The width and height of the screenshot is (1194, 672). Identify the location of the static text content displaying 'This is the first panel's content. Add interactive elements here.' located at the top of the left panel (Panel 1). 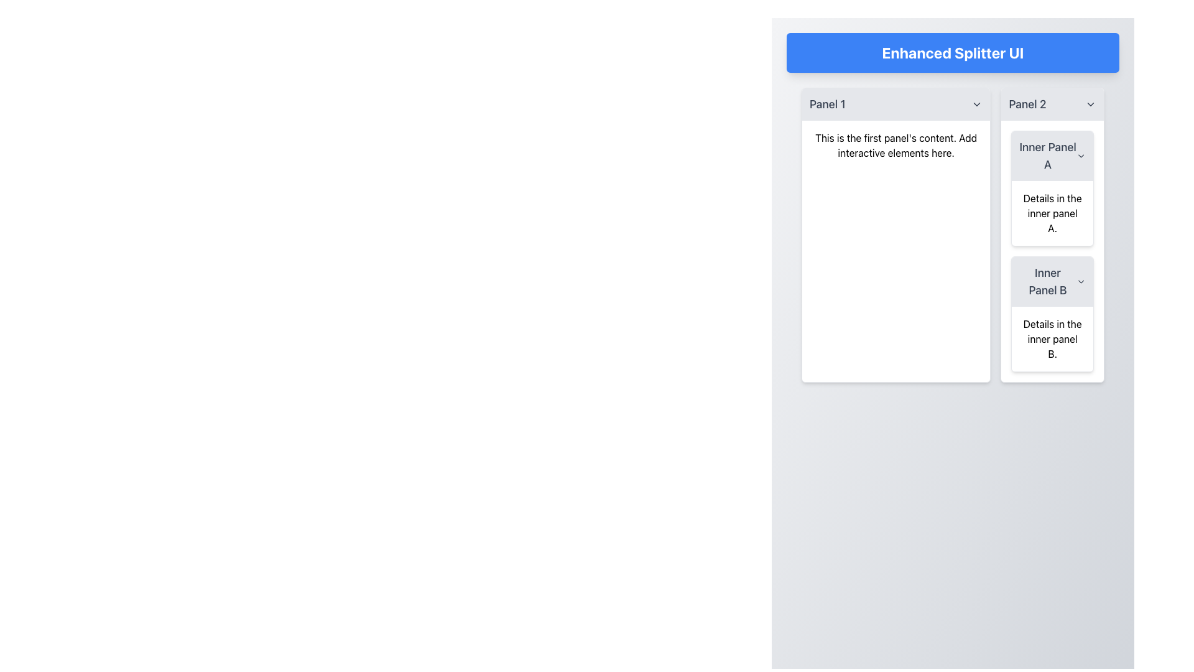
(896, 145).